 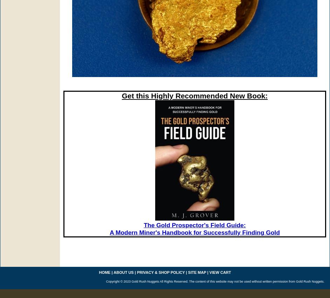 What do you see at coordinates (194, 233) in the screenshot?
I see `'A Modern Miner's Handbook for Successfully Finding Gold'` at bounding box center [194, 233].